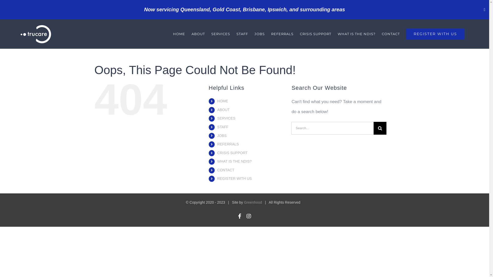 This screenshot has height=277, width=493. I want to click on 'REGISTER WITH US', so click(406, 34).